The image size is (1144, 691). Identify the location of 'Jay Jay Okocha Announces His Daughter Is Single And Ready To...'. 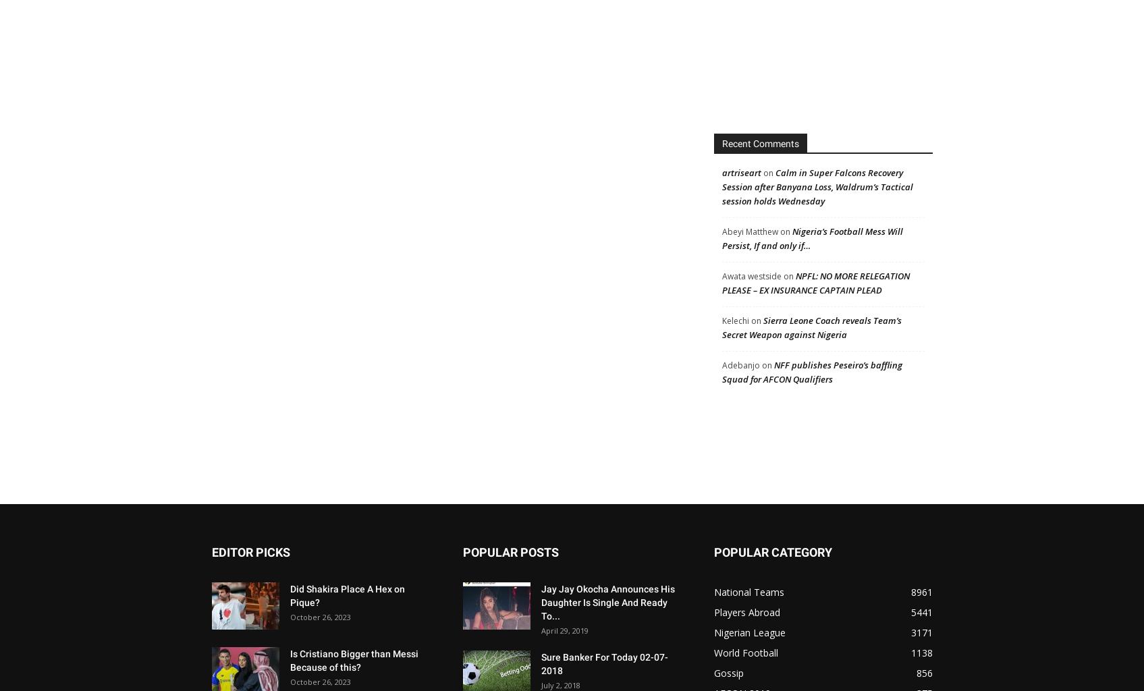
(541, 603).